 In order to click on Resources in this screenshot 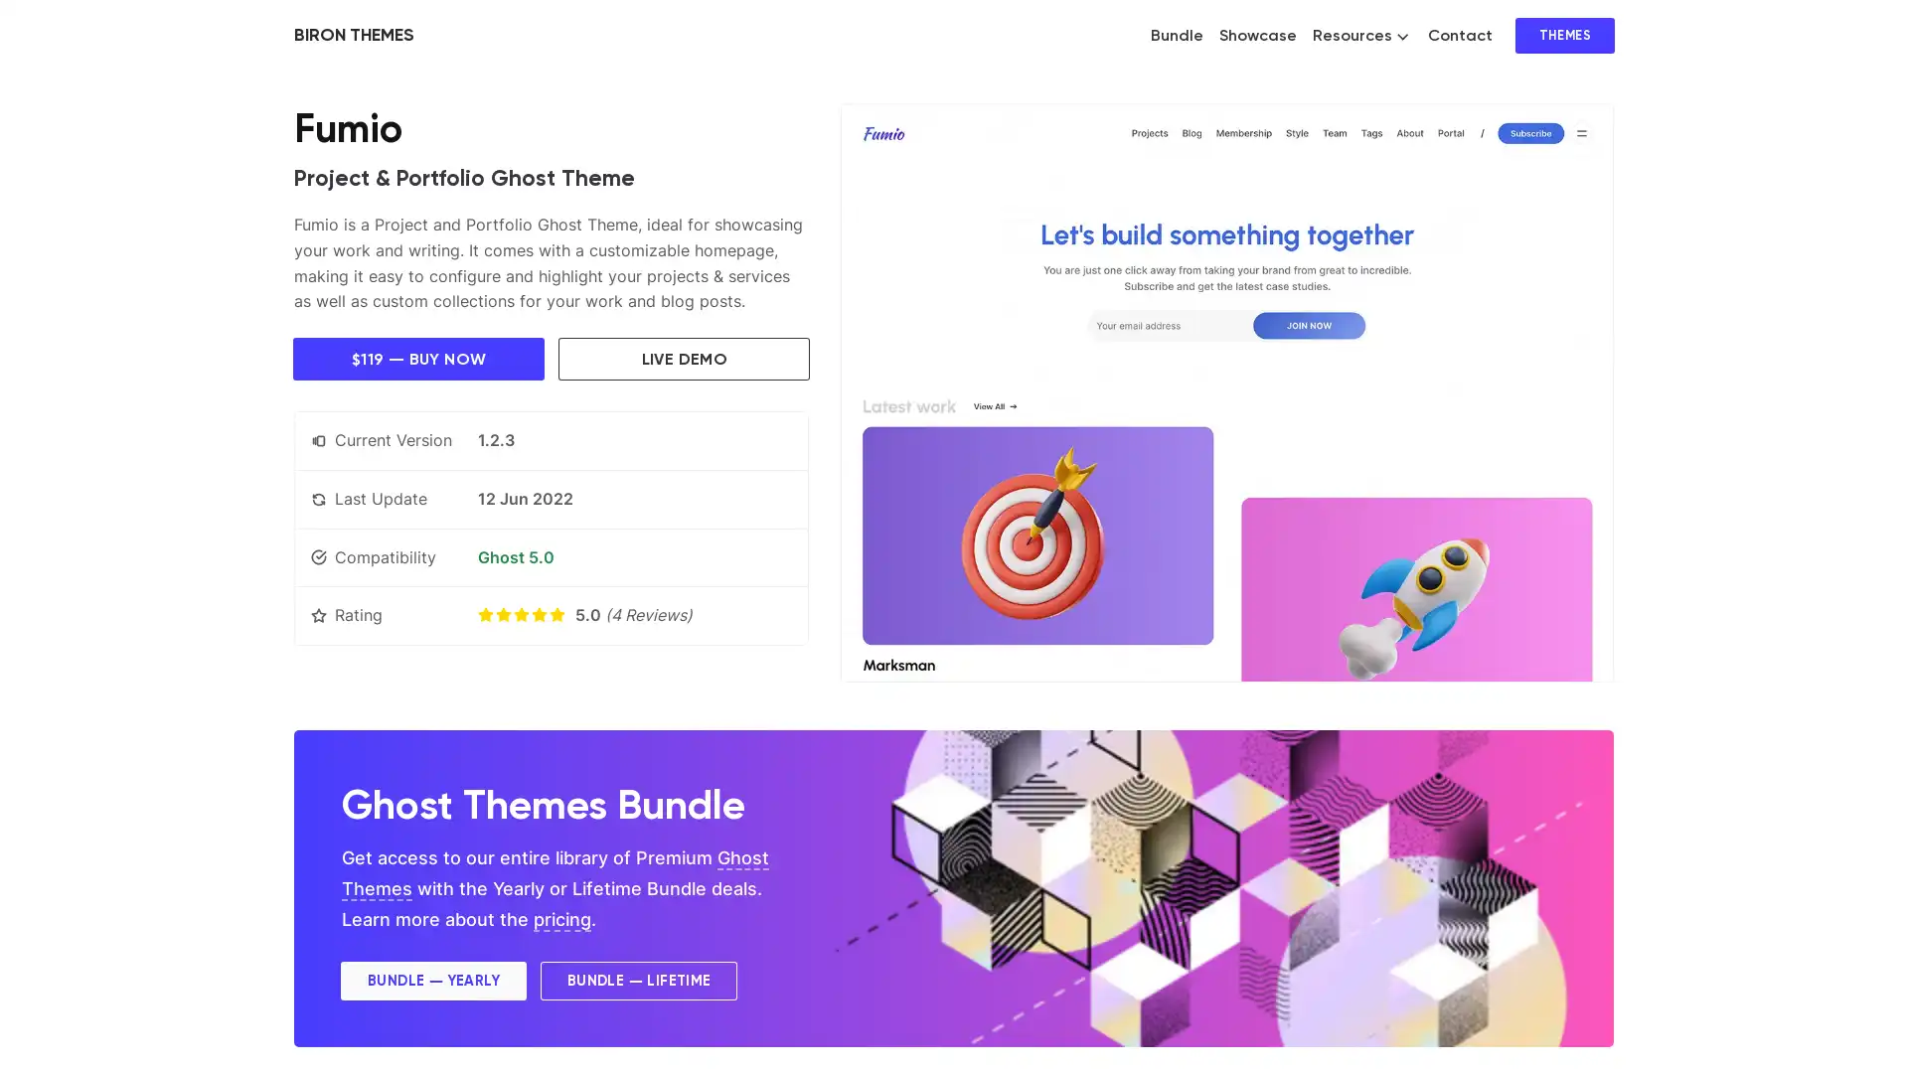, I will do `click(1359, 35)`.